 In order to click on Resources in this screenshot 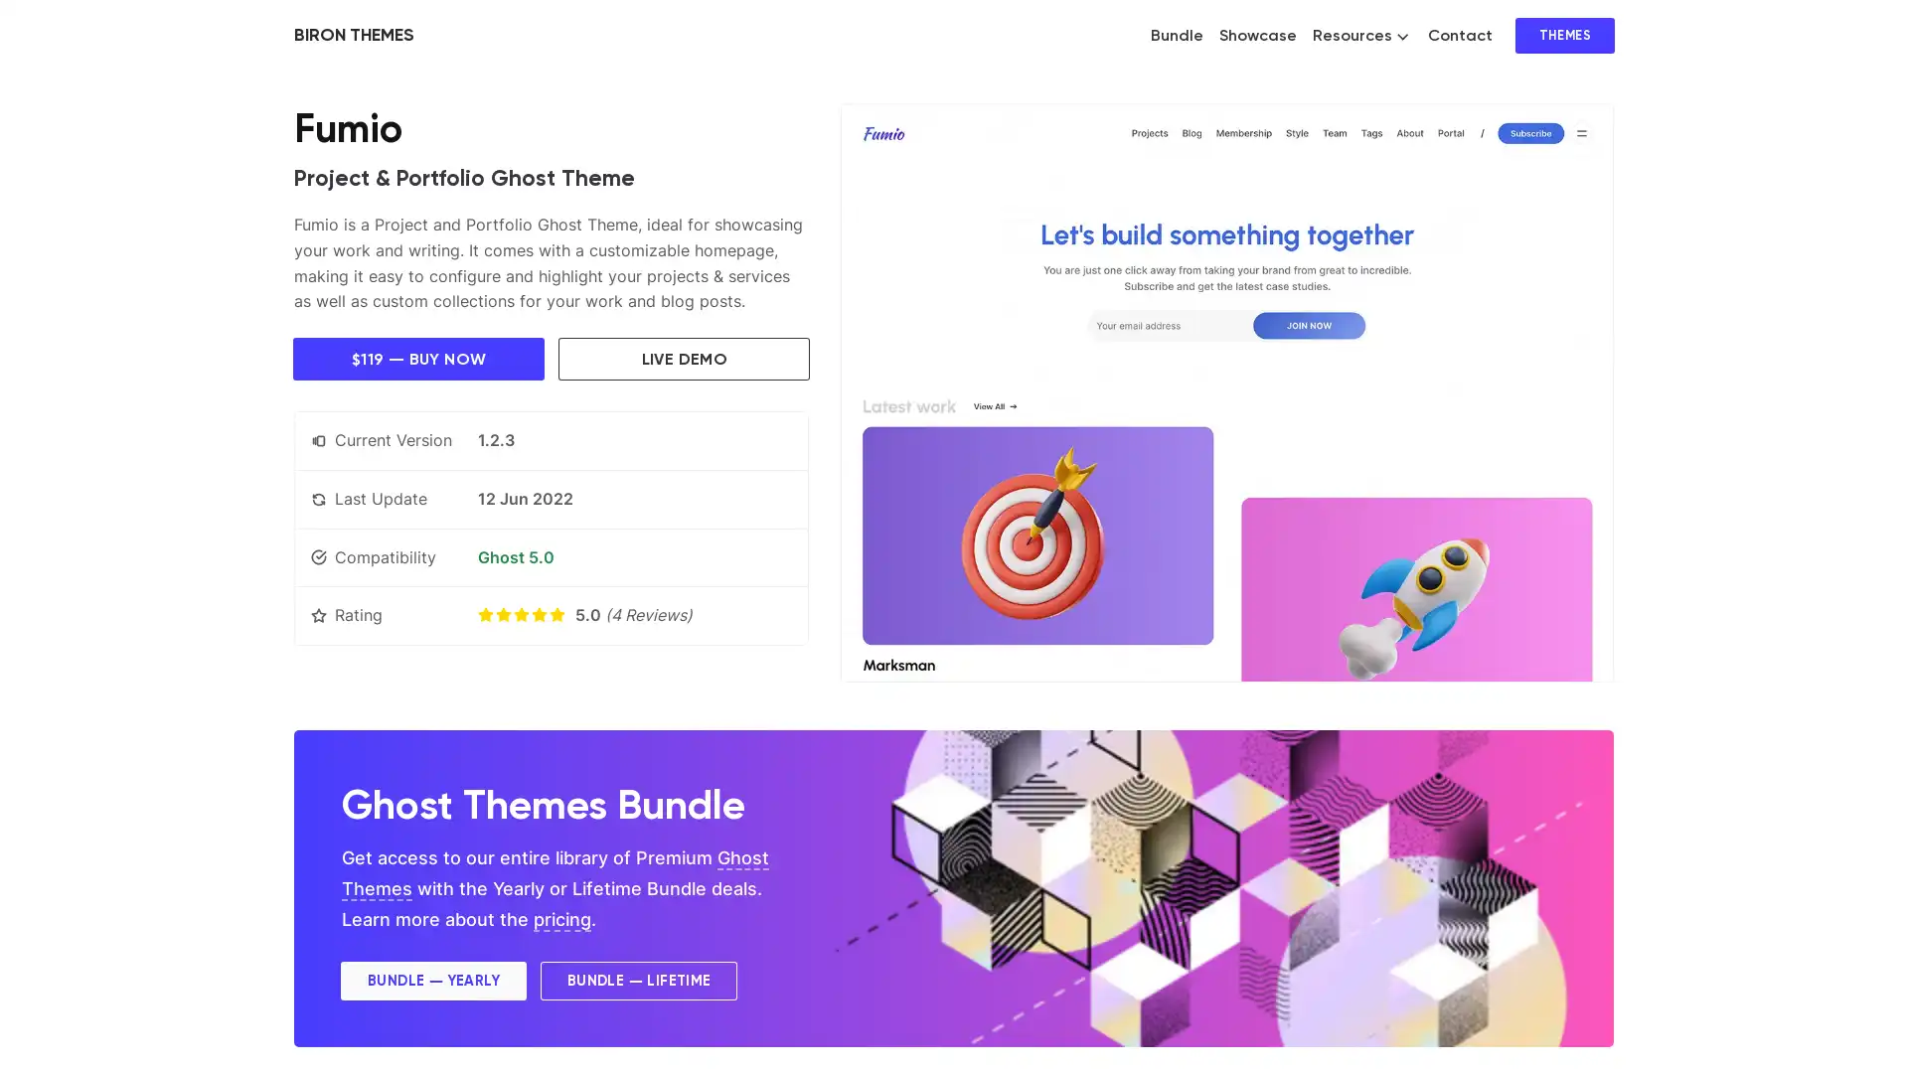, I will do `click(1359, 35)`.